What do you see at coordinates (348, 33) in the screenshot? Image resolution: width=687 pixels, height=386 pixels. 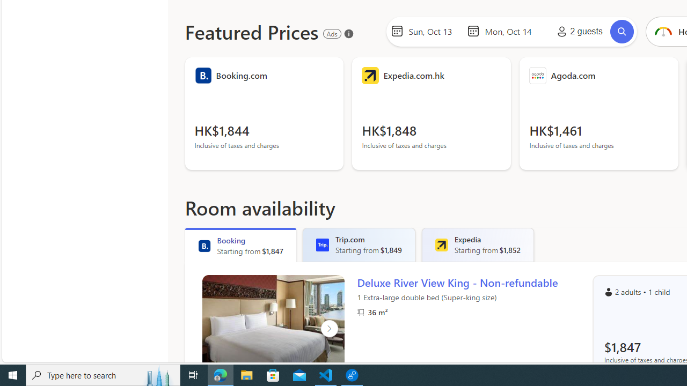 I see `'About our ads'` at bounding box center [348, 33].